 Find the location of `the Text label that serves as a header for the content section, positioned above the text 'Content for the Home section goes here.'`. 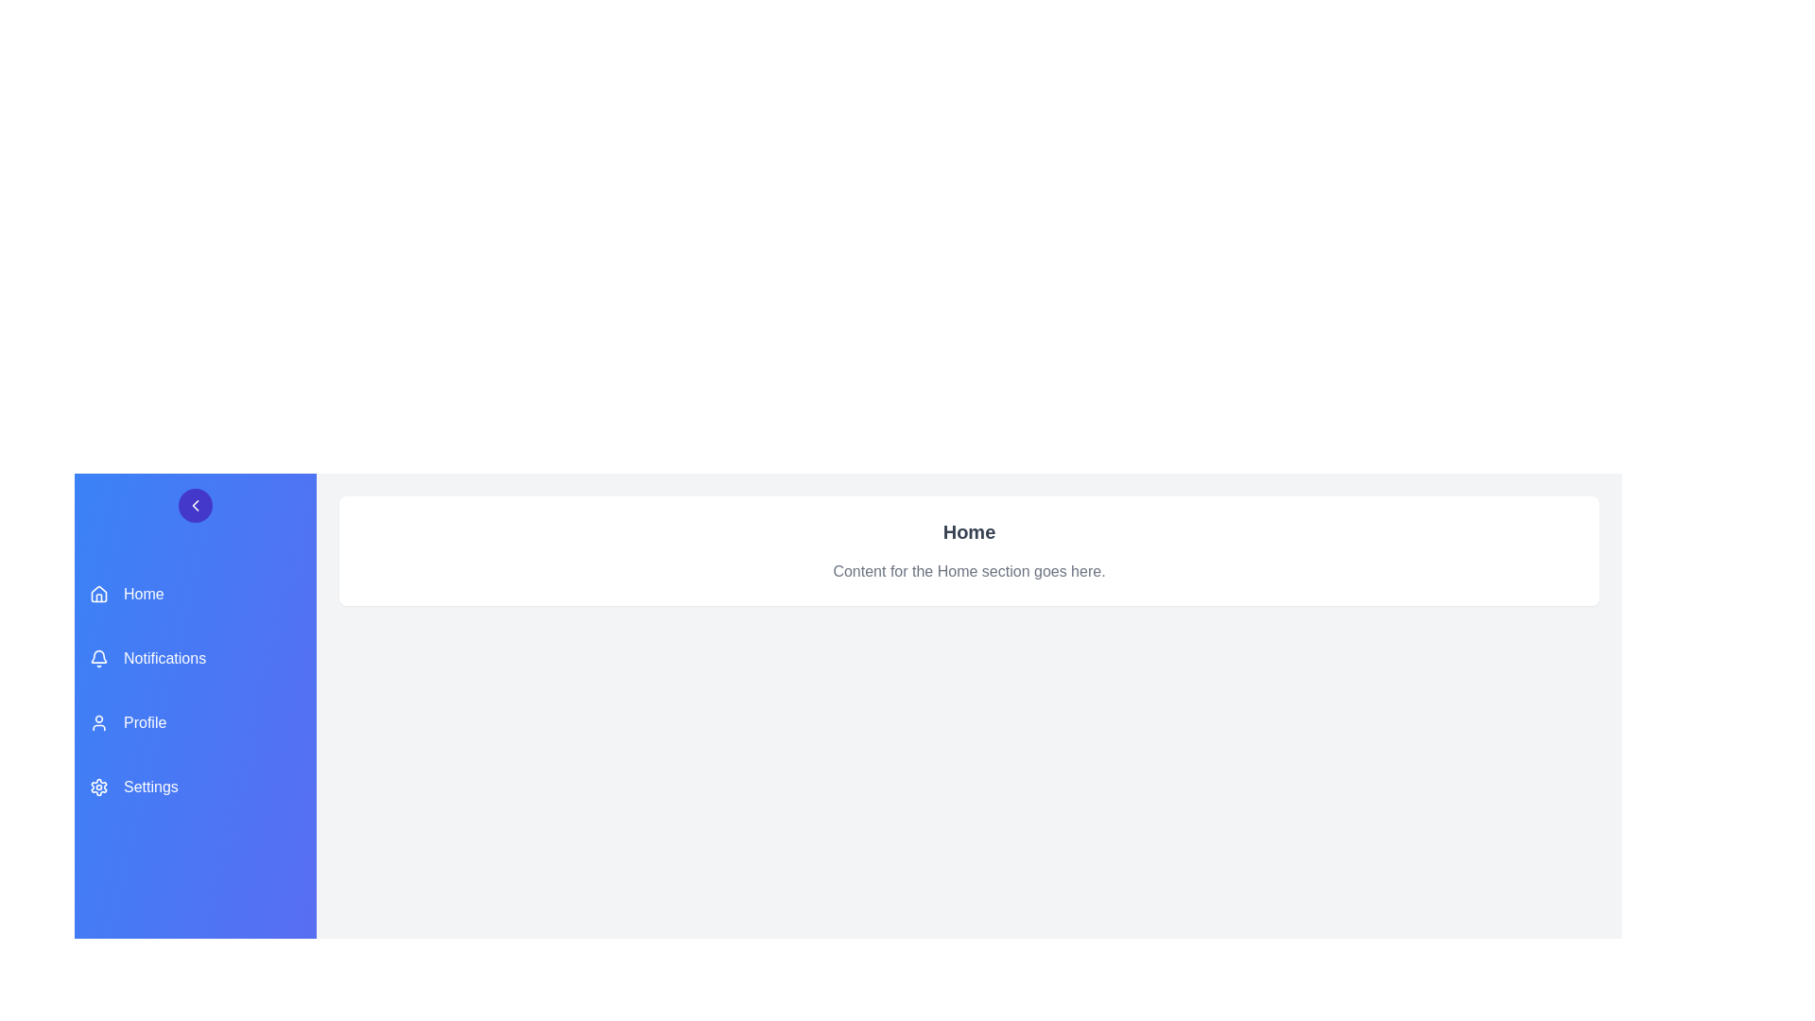

the Text label that serves as a header for the content section, positioned above the text 'Content for the Home section goes here.' is located at coordinates (969, 532).